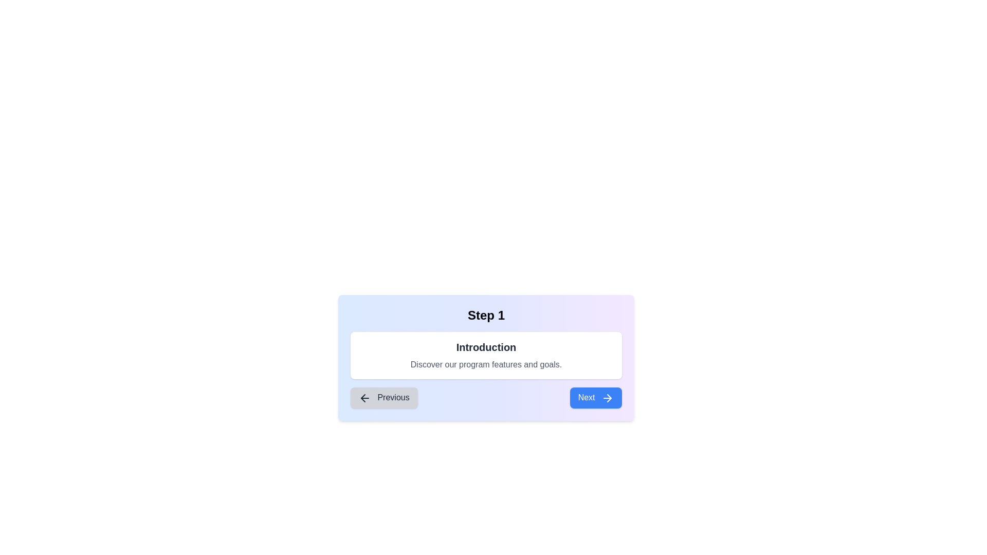  I want to click on the 'Next' button to navigate to the next step, so click(595, 397).